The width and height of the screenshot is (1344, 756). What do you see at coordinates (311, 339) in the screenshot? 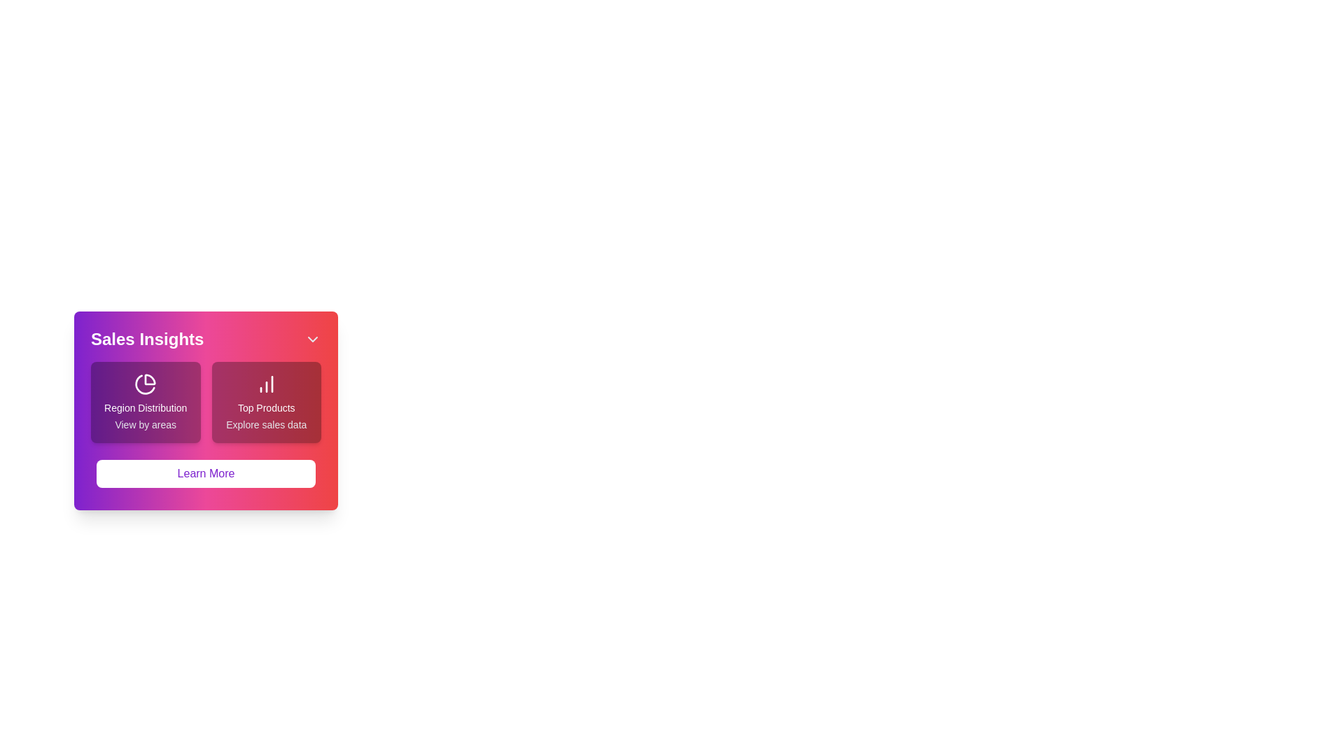
I see `the dropdown toggle icon located at the top-right corner of the 'Sales Insights' header box` at bounding box center [311, 339].